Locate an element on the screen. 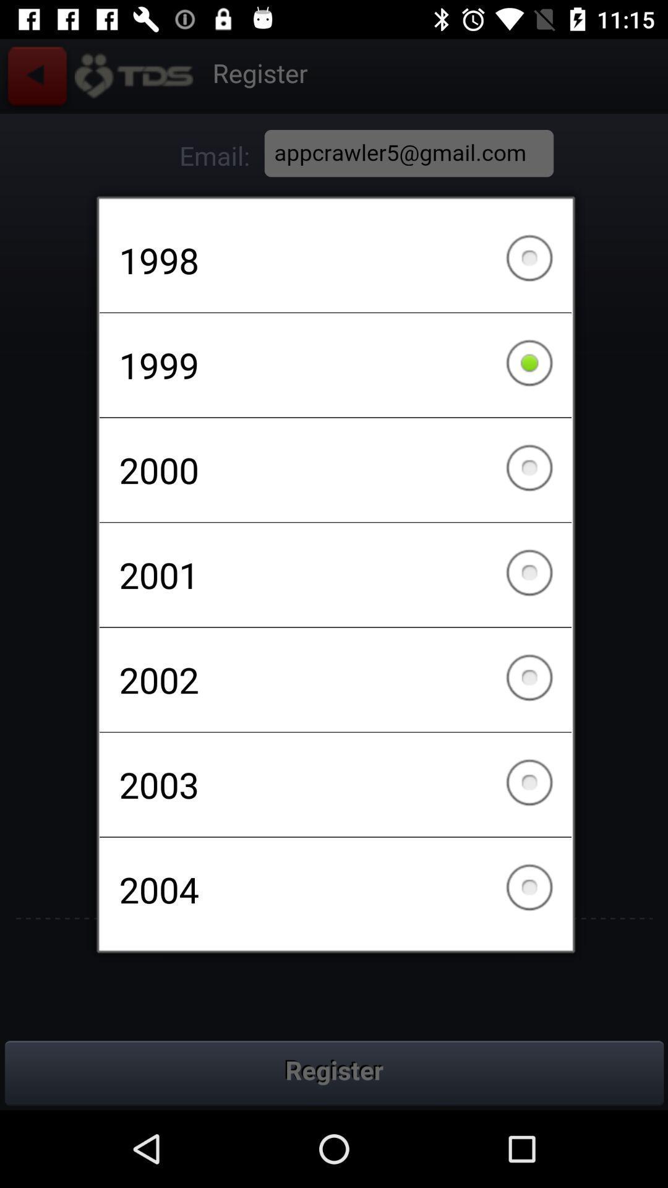 The image size is (668, 1188). the 2002 item is located at coordinates (335, 679).